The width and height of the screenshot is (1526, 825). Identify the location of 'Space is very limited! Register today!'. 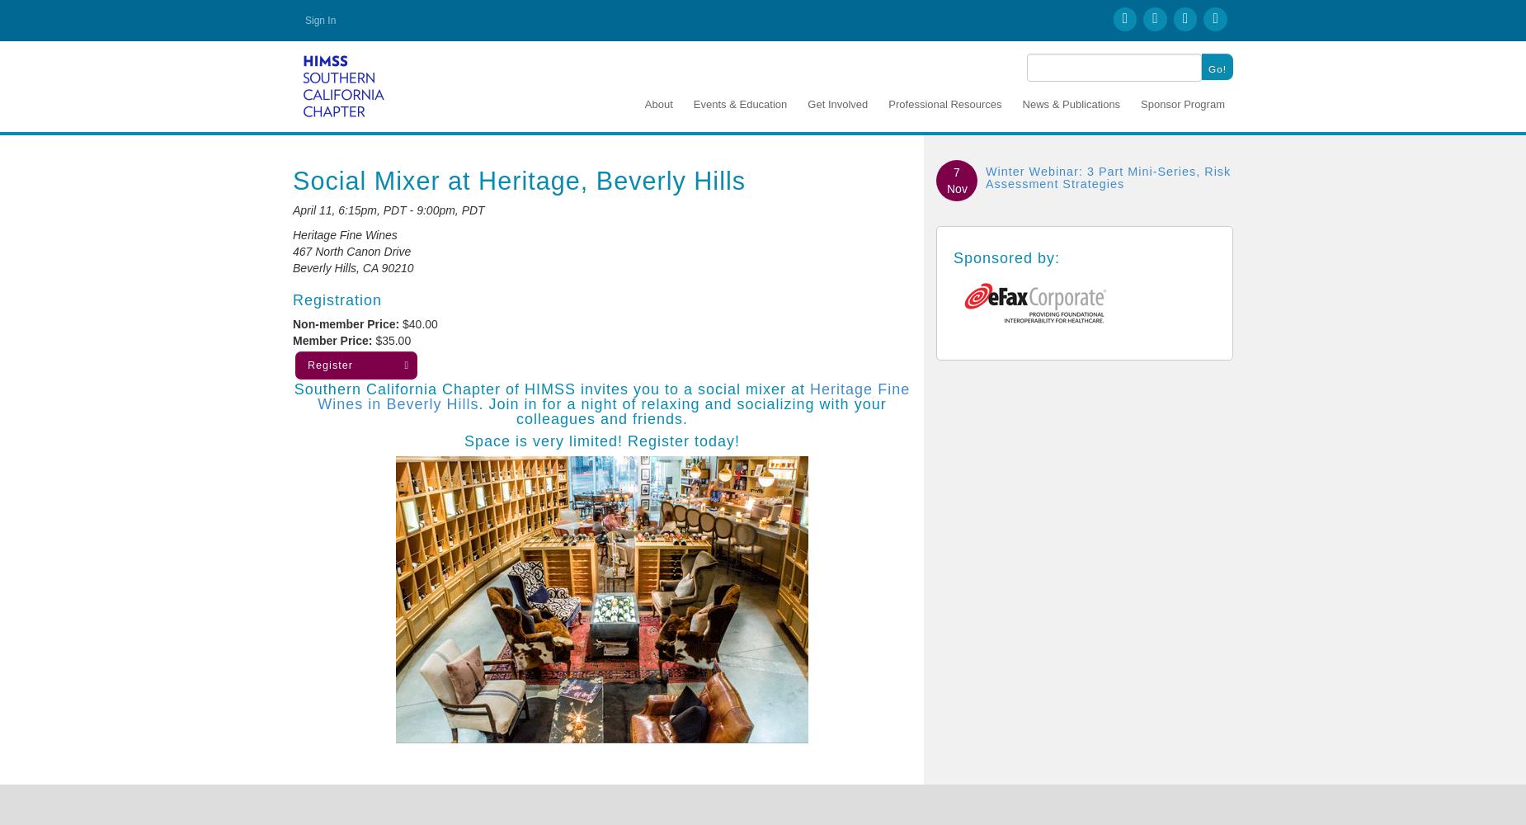
(601, 441).